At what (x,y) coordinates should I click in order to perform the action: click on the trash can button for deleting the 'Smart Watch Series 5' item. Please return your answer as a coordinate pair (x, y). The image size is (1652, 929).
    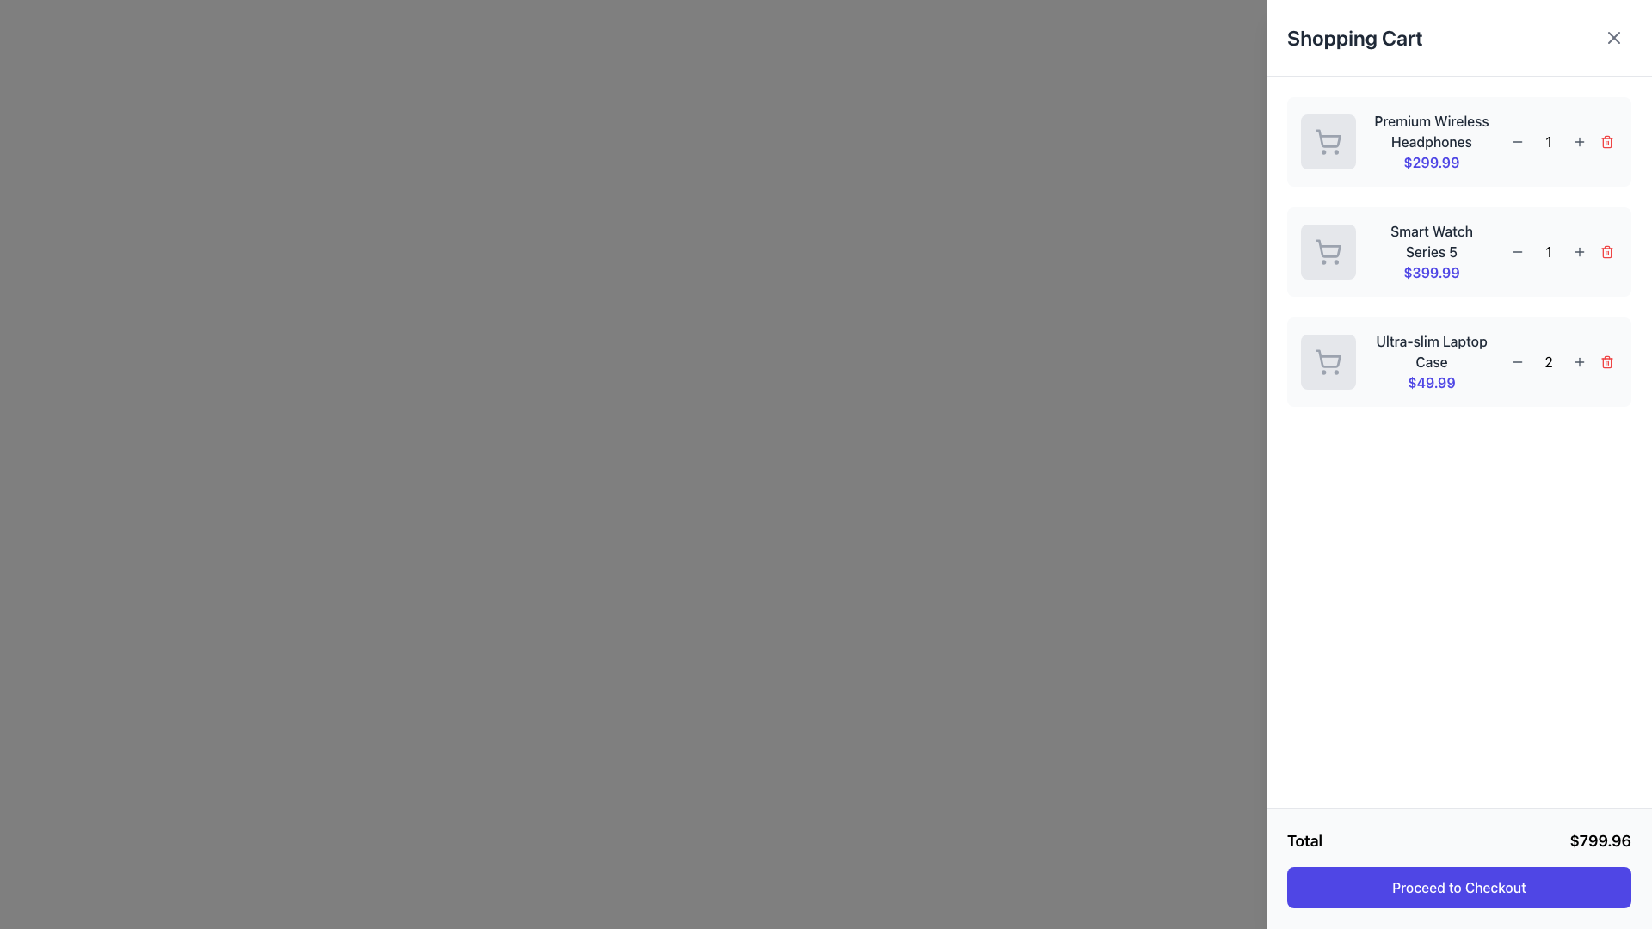
    Looking at the image, I should click on (1606, 252).